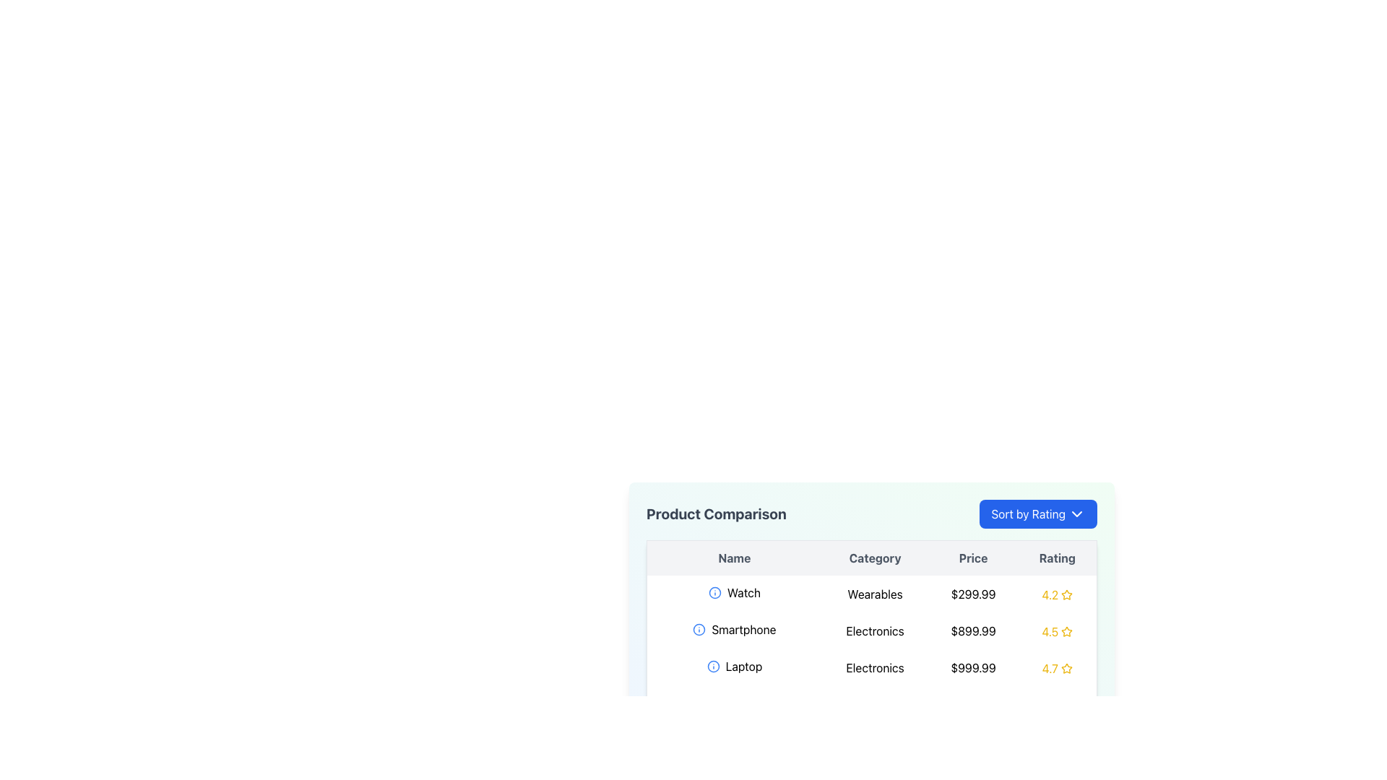  Describe the element at coordinates (973, 594) in the screenshot. I see `the price text label for the item 'Watch' located in the first row of the 'Wearables' category table` at that location.